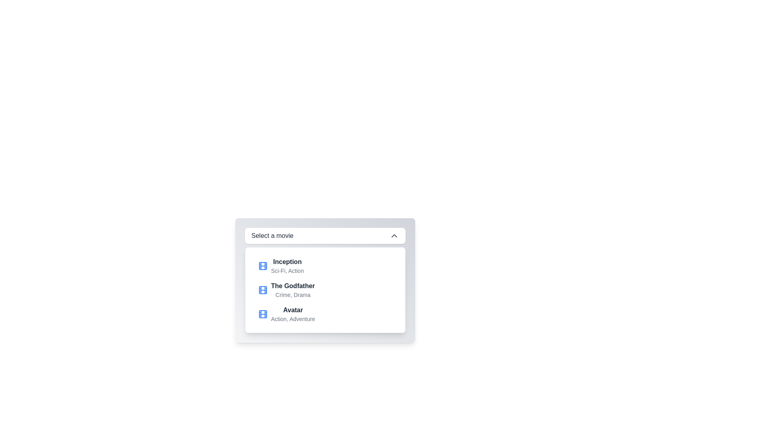 The height and width of the screenshot is (434, 771). What do you see at coordinates (292, 290) in the screenshot?
I see `the dropdown item labeled 'The Godfather'` at bounding box center [292, 290].